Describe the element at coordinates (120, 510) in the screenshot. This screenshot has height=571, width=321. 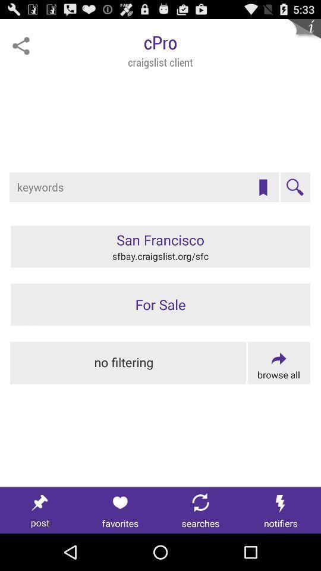
I see `because back devicer` at that location.